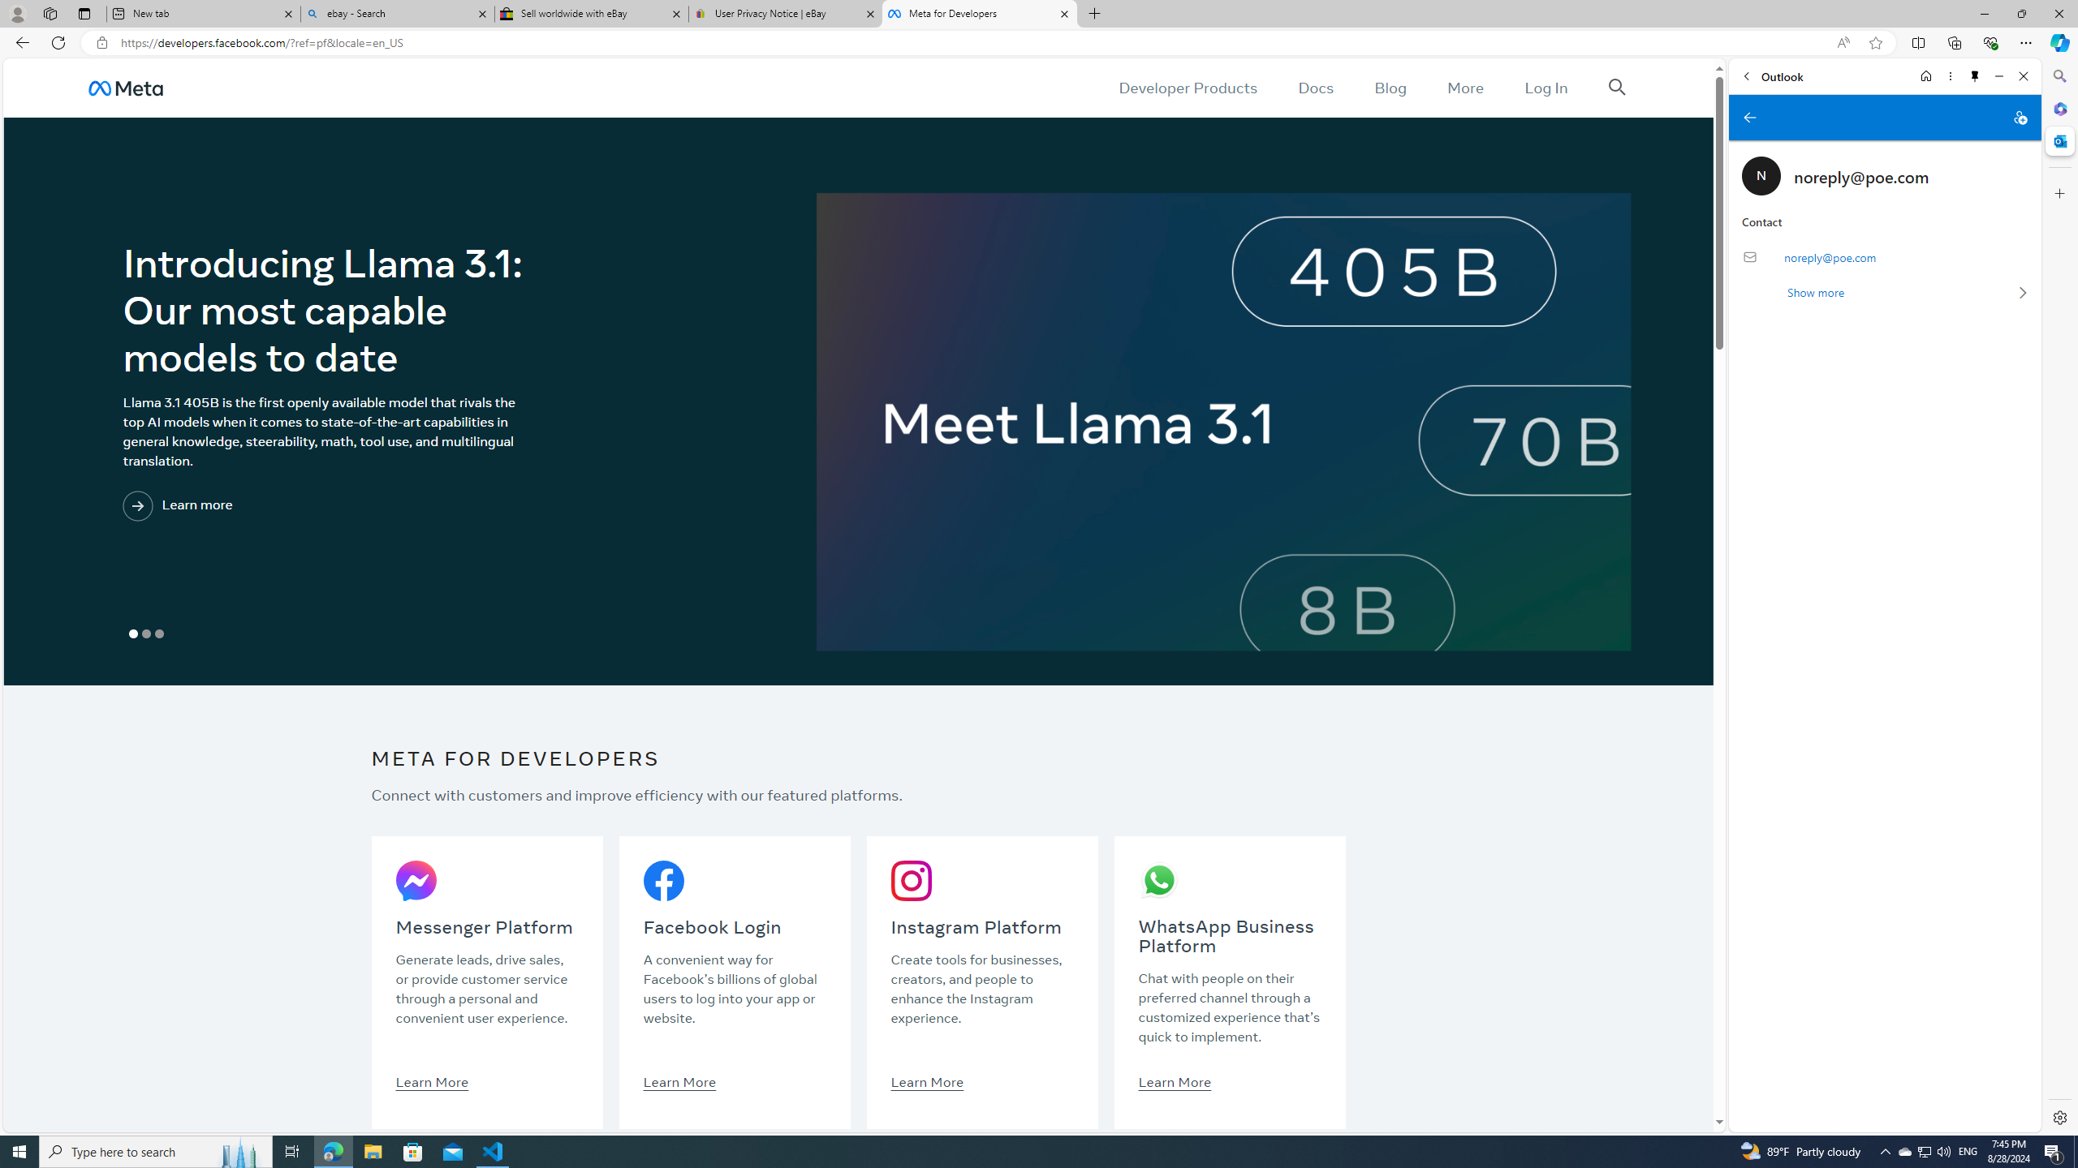  Describe the element at coordinates (1465, 87) in the screenshot. I see `'More'` at that location.